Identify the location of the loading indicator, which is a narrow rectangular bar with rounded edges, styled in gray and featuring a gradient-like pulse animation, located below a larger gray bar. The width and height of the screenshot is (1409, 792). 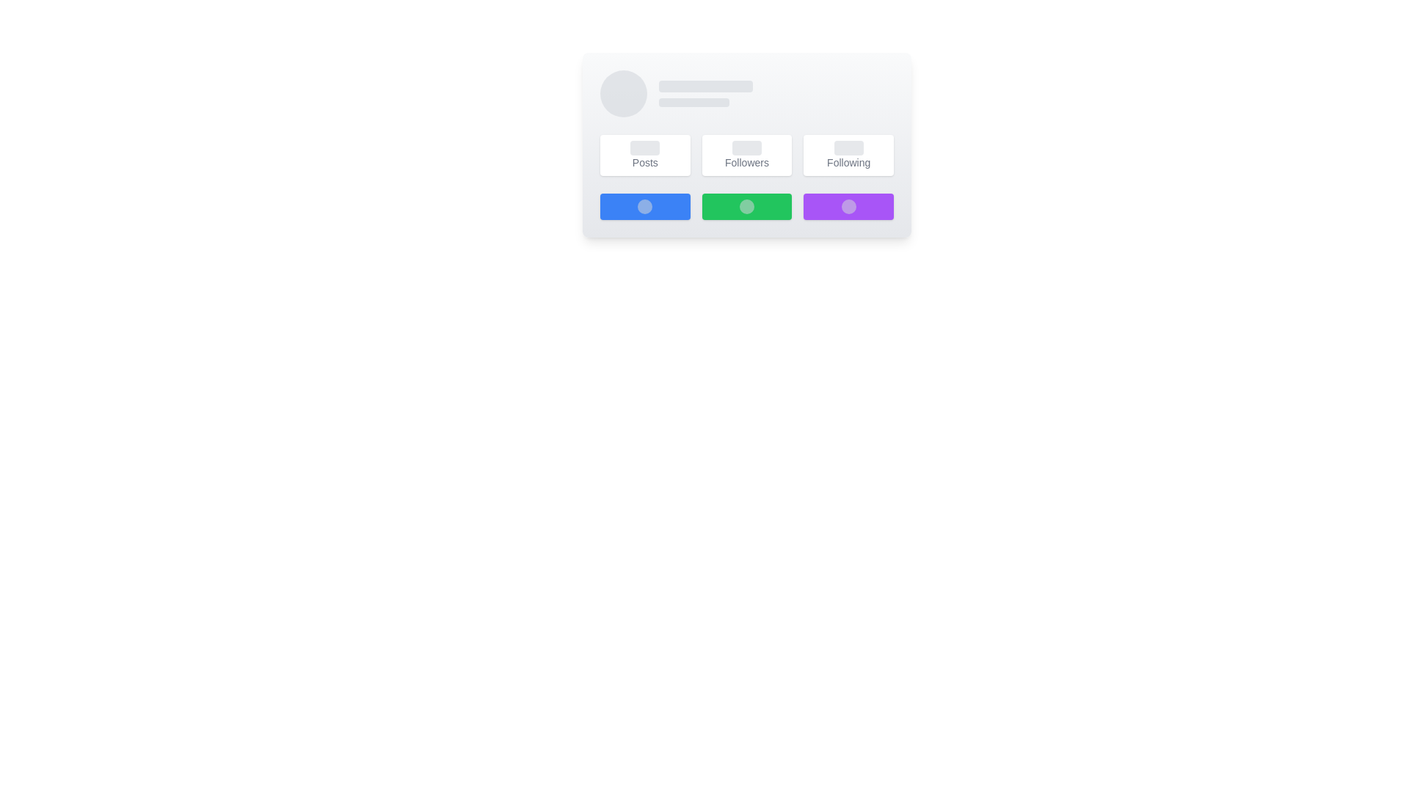
(693, 101).